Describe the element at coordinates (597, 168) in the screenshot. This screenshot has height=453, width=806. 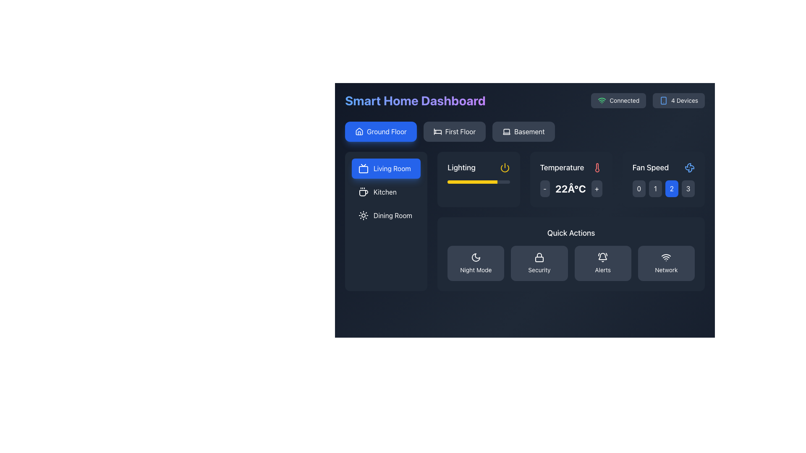
I see `the temperature icon located to the right of the 'Temperature' label and numeric value in the top right area of the interface` at that location.